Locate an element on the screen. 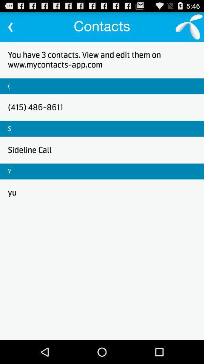 The image size is (204, 364). item above the (415) 486-8611 icon is located at coordinates (8, 86).